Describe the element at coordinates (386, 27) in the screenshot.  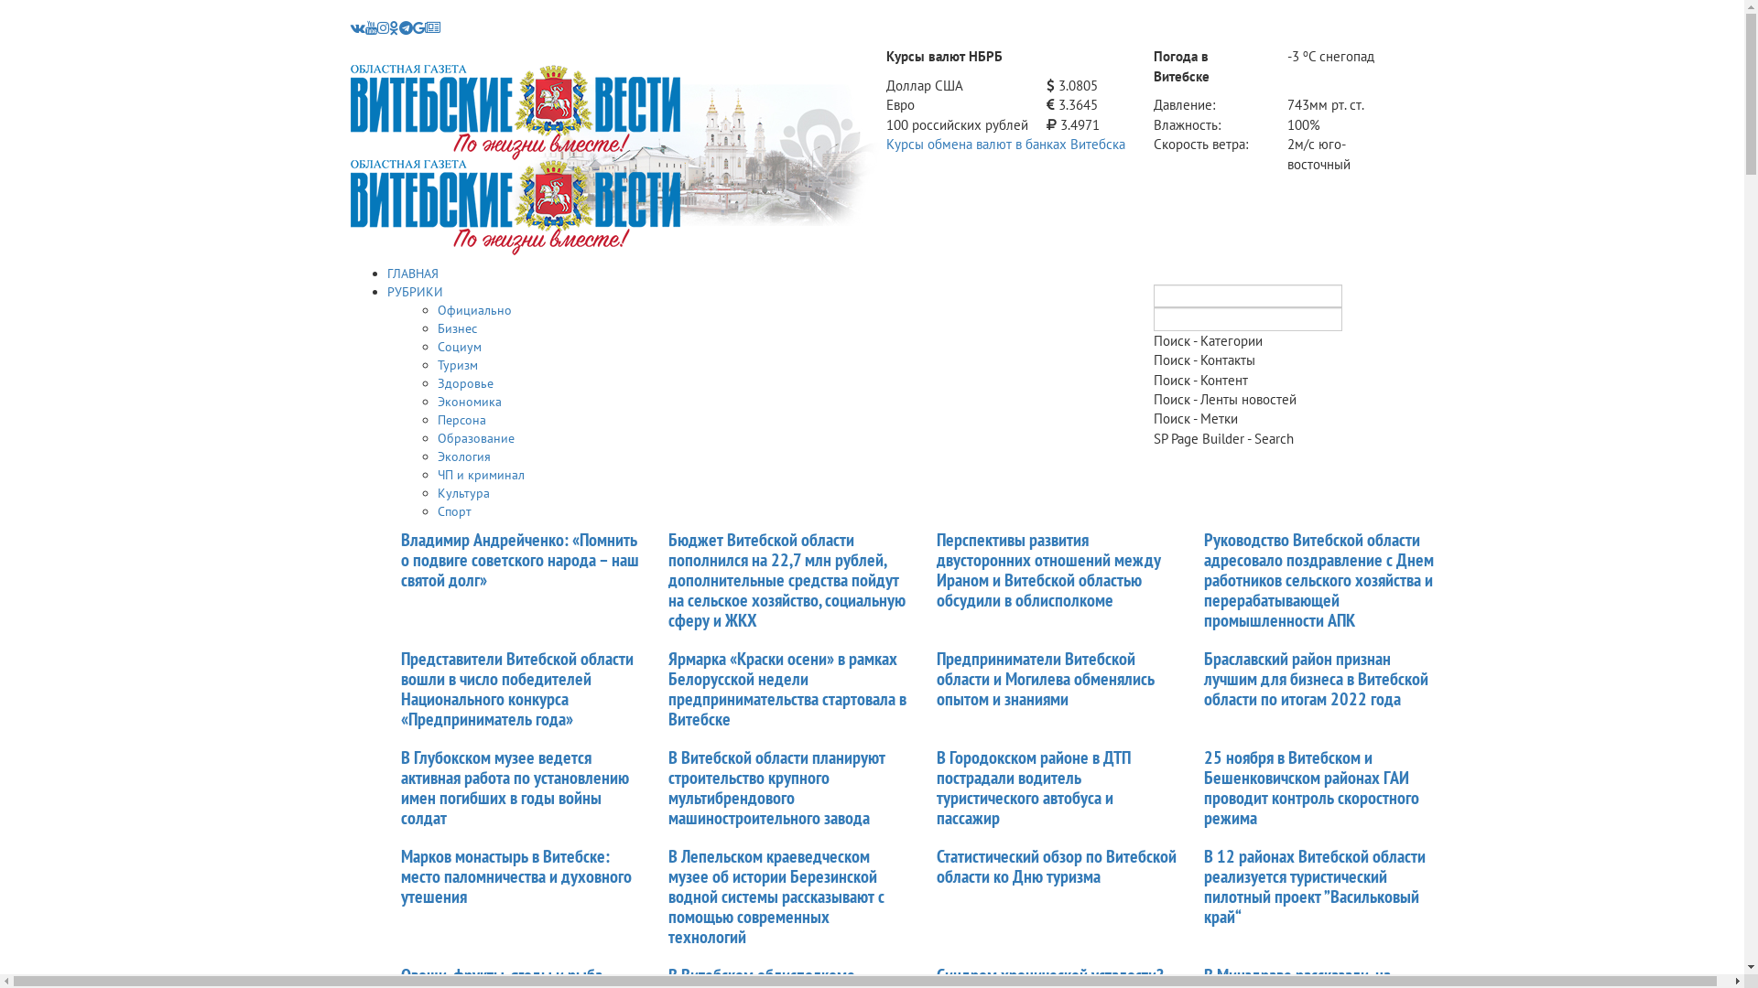
I see `'OK.RU'` at that location.